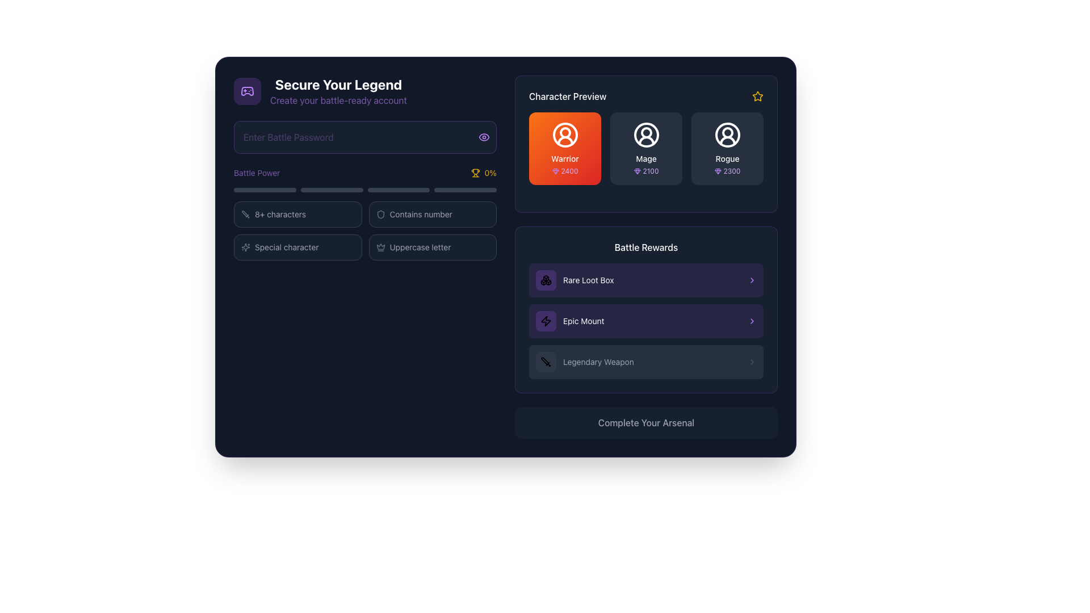 This screenshot has height=613, width=1090. What do you see at coordinates (245, 246) in the screenshot?
I see `the decorative icon positioned to the left of the text labeled 'Special character'` at bounding box center [245, 246].